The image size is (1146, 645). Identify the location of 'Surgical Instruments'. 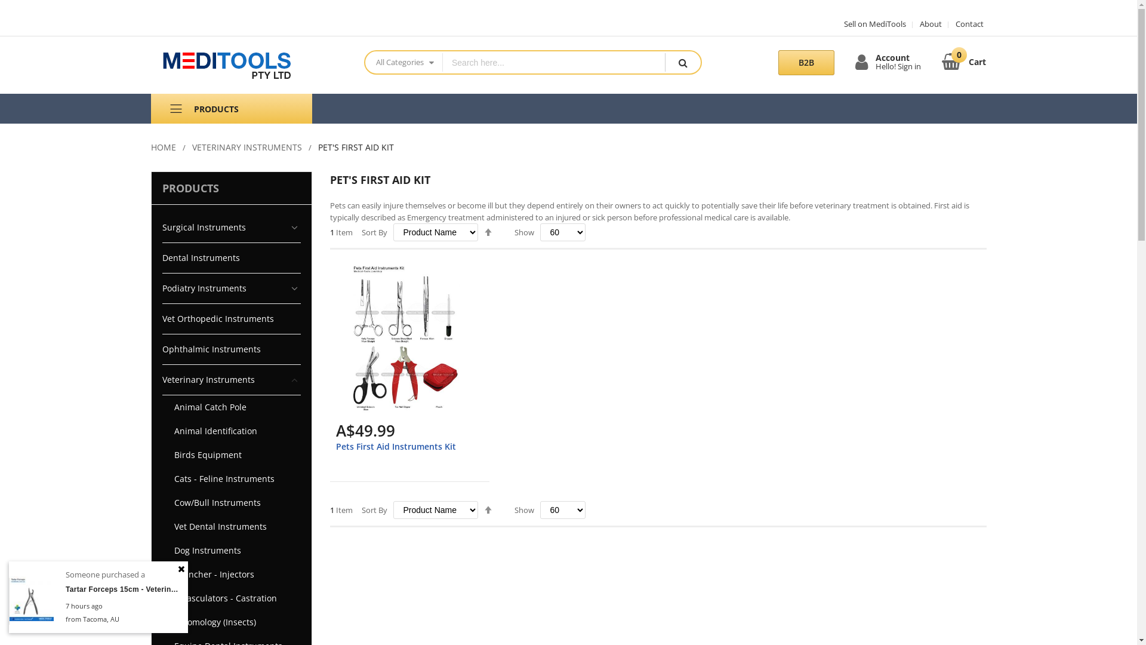
(232, 228).